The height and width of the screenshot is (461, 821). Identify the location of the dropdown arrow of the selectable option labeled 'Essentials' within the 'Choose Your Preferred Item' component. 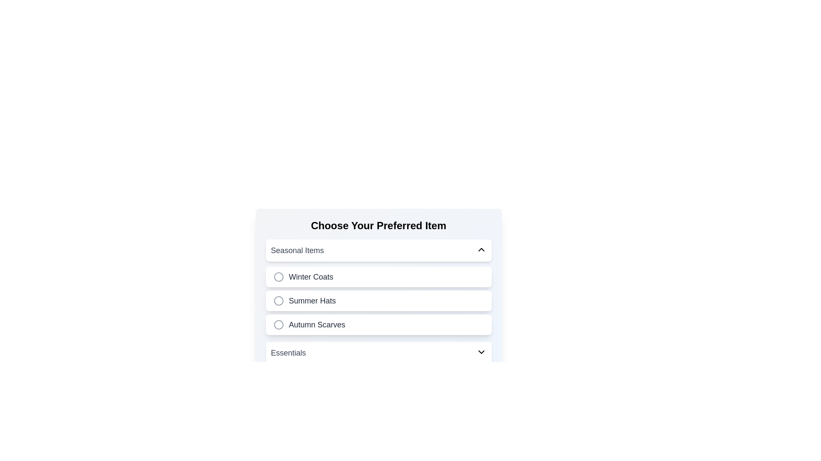
(378, 353).